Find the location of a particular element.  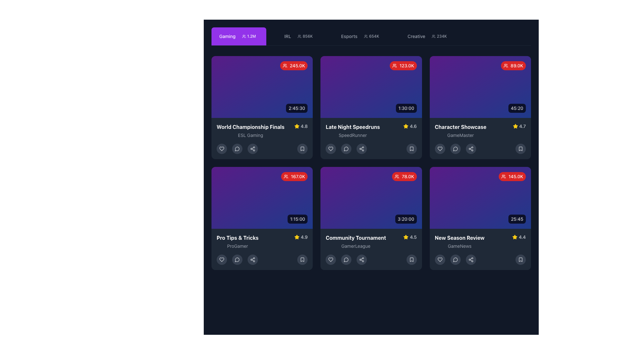

the button located as the second interactive element from the left in the bottom toolbar of the 'Late Night Speedruns' content card is located at coordinates (346, 149).